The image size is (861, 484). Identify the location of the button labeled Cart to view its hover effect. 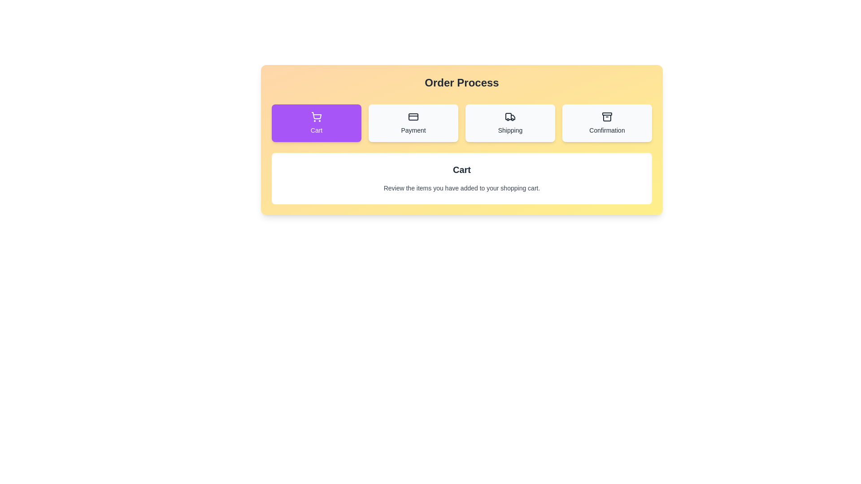
(316, 123).